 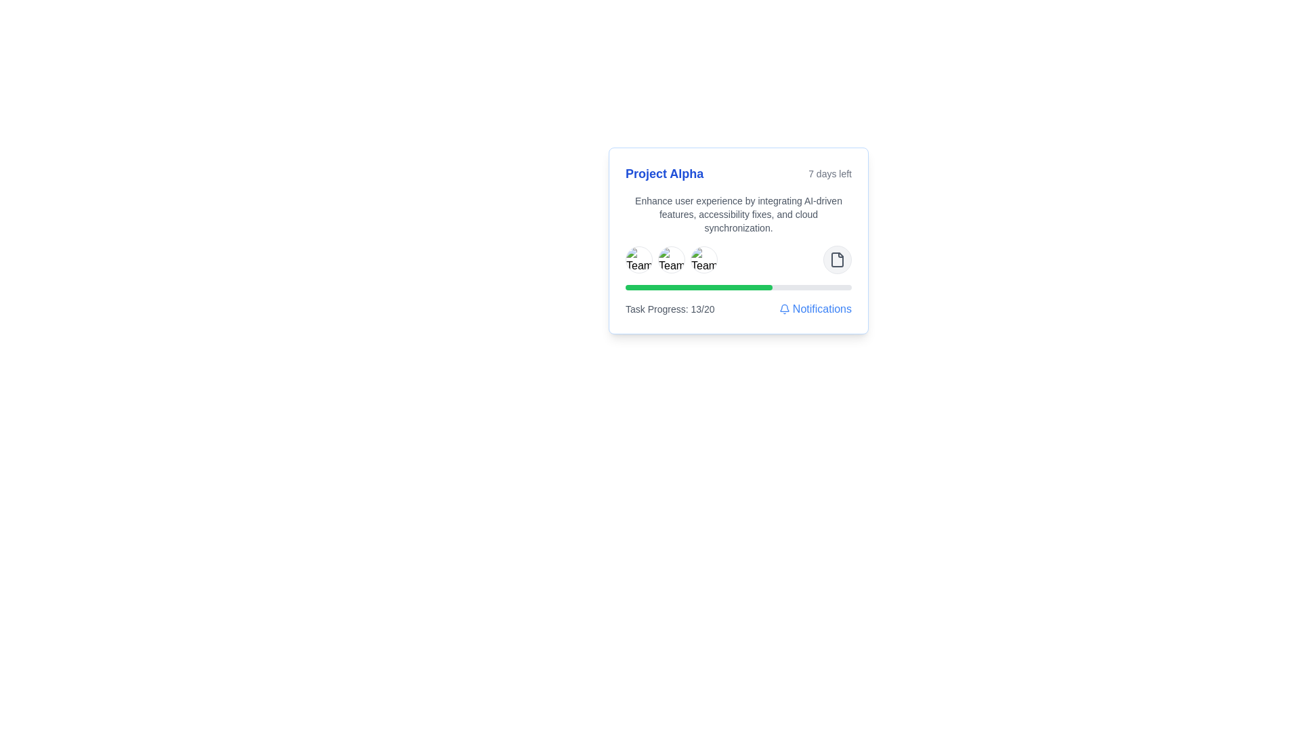 I want to click on the first avatar image labeled 'Team', so click(x=638, y=260).